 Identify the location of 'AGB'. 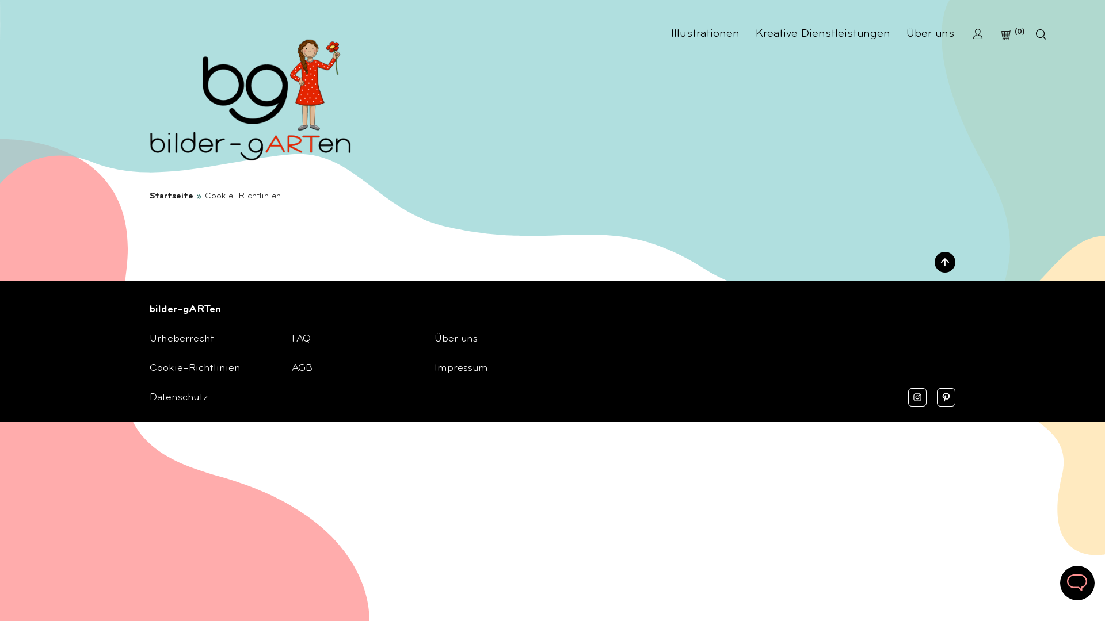
(302, 368).